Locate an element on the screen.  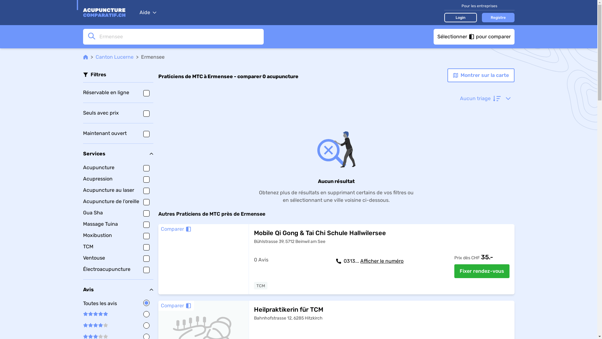
'Seuls avec prix' is located at coordinates (118, 112).